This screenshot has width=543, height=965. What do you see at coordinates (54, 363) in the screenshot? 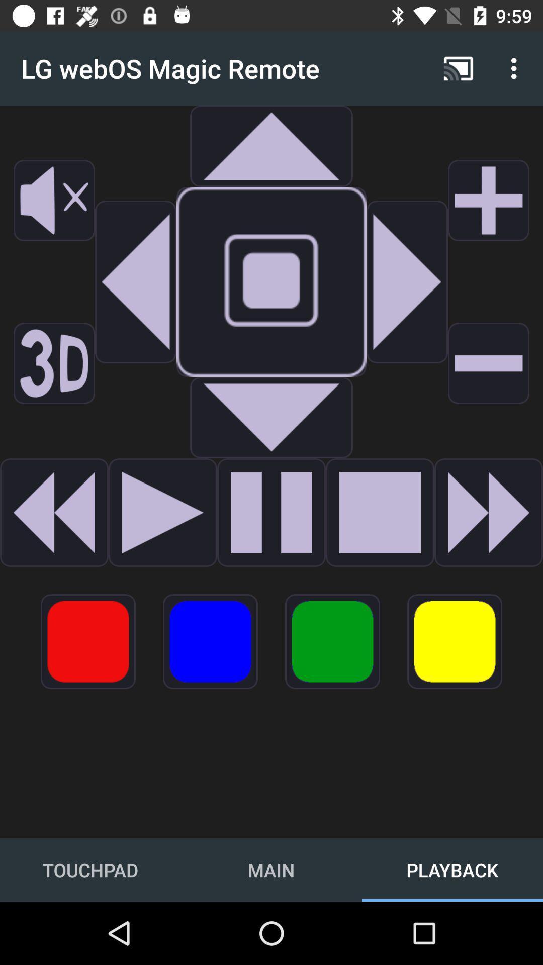
I see `3d option` at bounding box center [54, 363].